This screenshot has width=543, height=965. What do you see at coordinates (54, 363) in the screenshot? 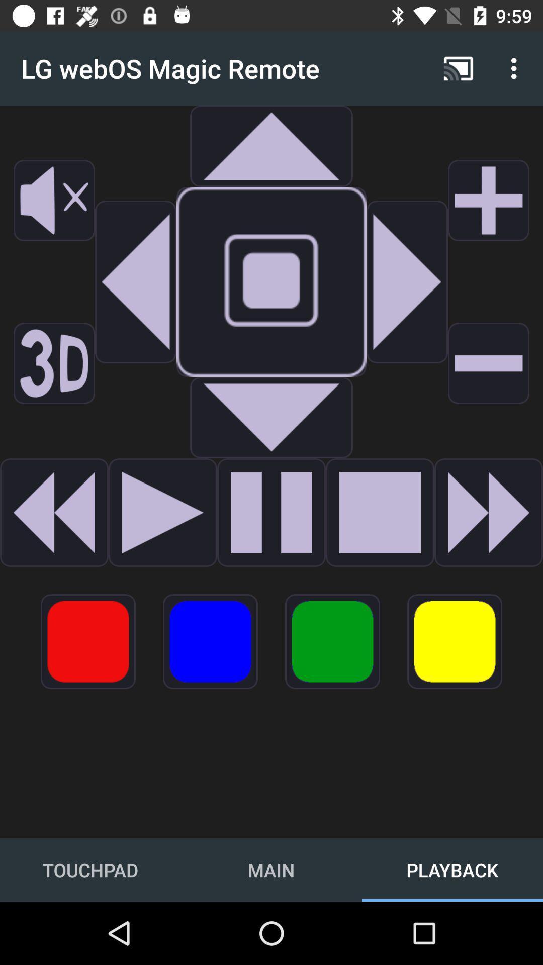
I see `3d option` at bounding box center [54, 363].